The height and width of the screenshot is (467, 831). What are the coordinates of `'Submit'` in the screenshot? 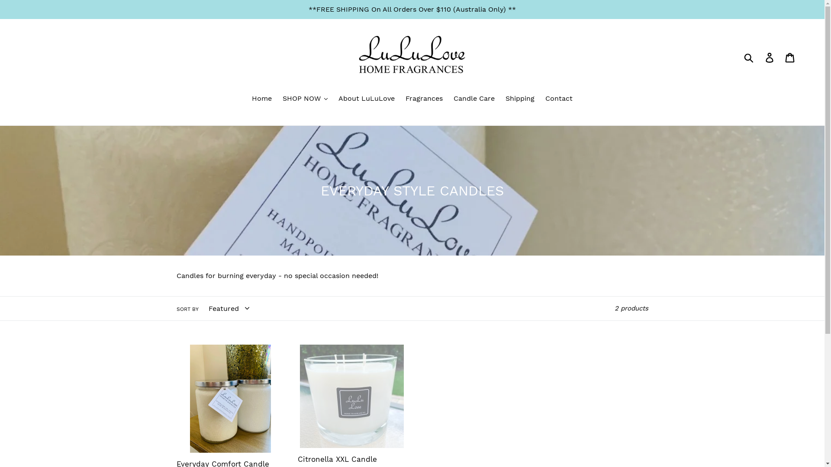 It's located at (749, 57).